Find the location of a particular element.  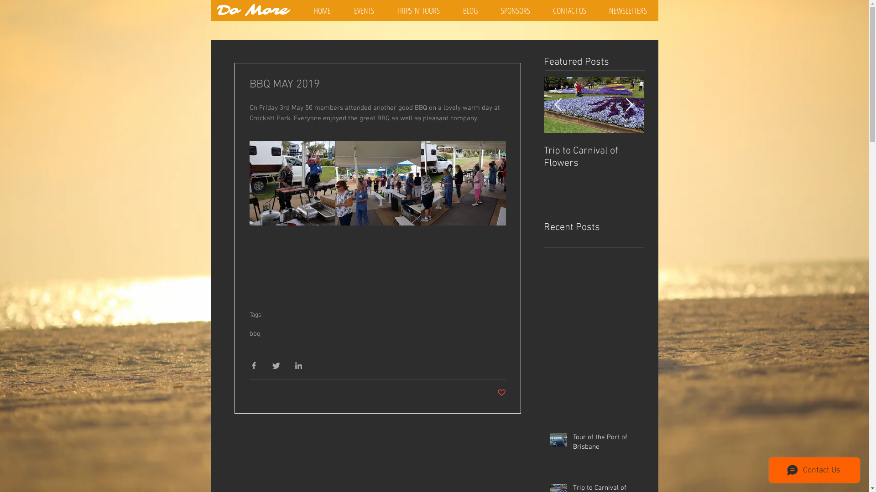

'Post not marked as liked' is located at coordinates (501, 393).